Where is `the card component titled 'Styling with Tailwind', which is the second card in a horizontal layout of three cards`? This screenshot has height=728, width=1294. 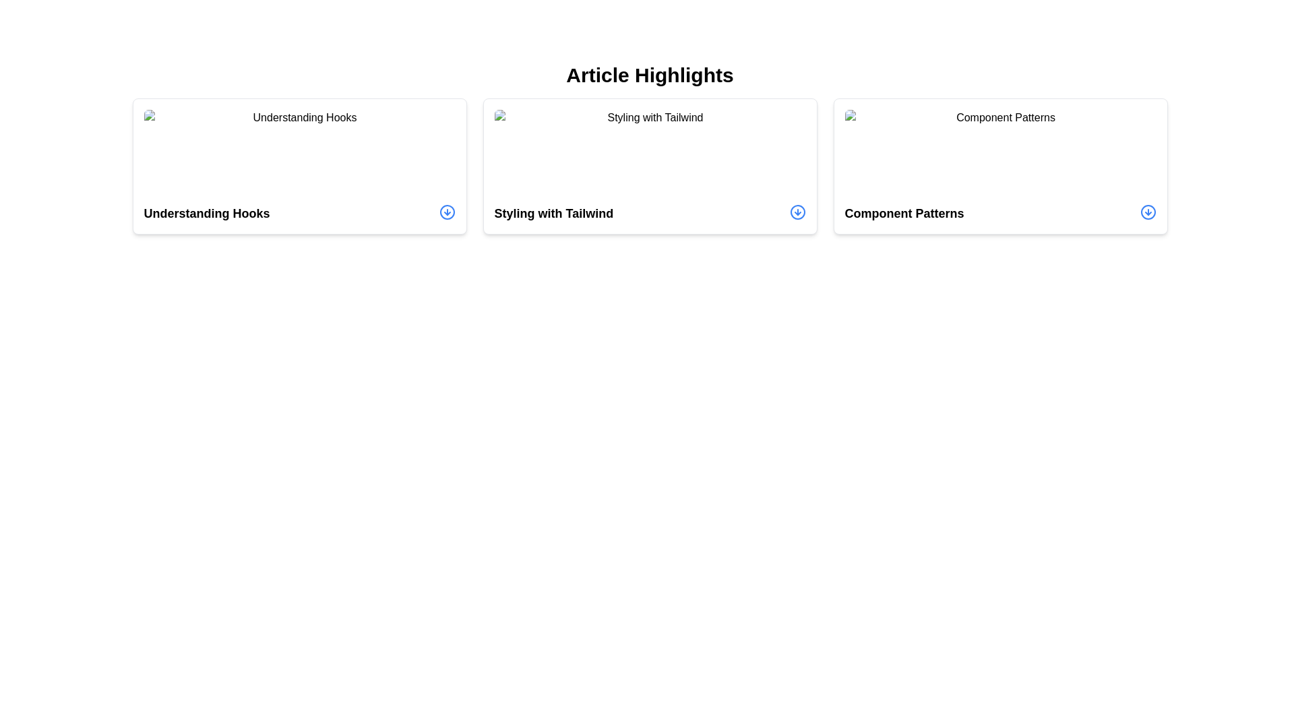
the card component titled 'Styling with Tailwind', which is the second card in a horizontal layout of three cards is located at coordinates (650, 165).